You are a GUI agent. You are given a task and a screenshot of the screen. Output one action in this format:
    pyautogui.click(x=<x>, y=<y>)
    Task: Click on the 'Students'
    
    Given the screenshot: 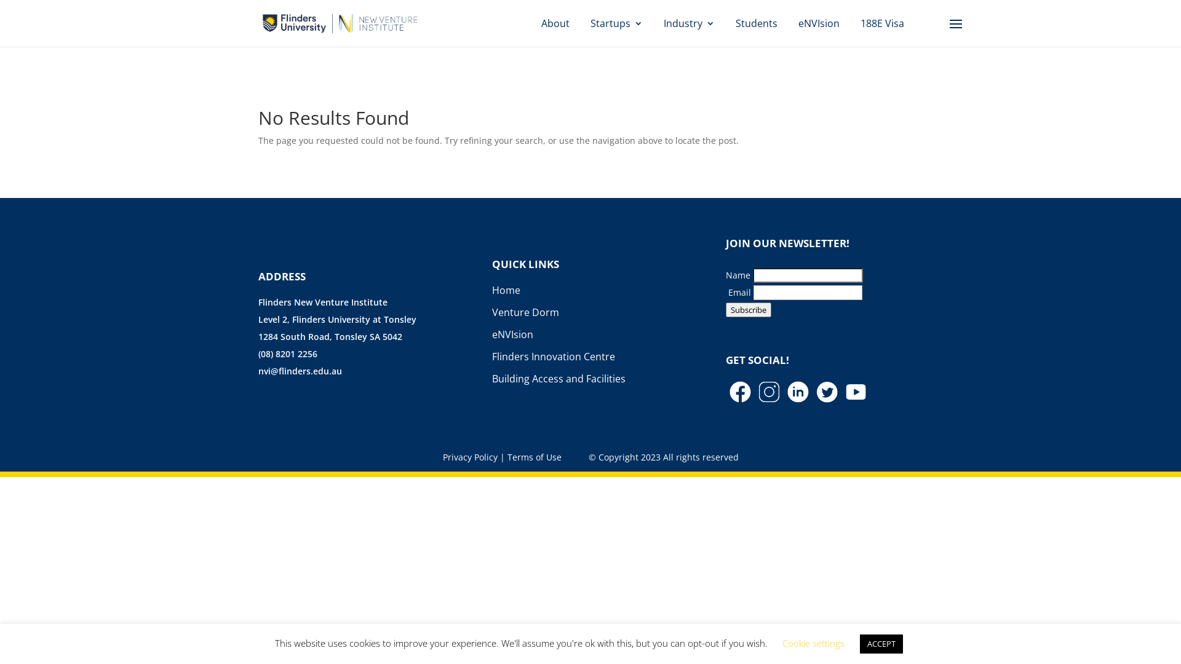 What is the action you would take?
    pyautogui.click(x=735, y=23)
    